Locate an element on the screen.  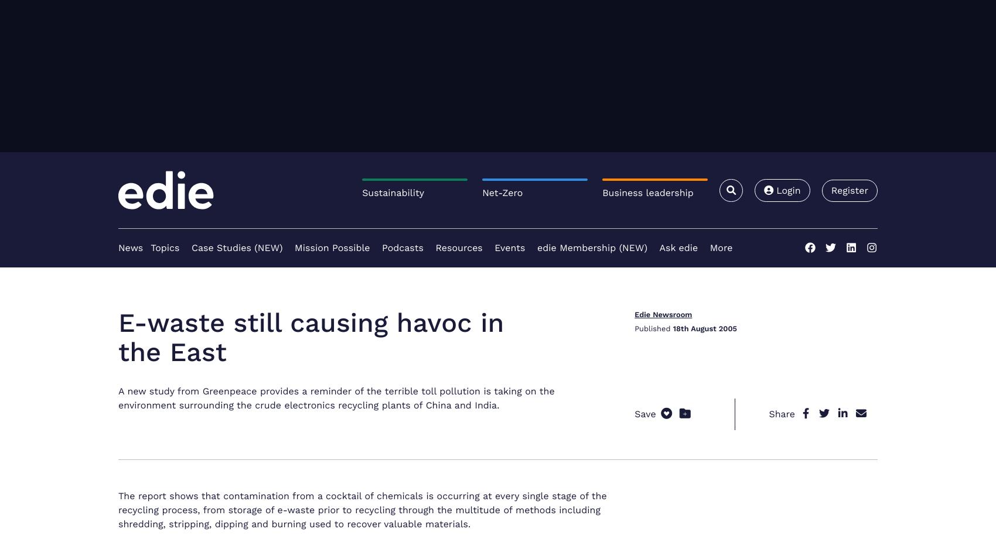
'Webinar:  Three good reasons to align your net zero property ambition with NABERS UK Ratings' is located at coordinates (753, 445).